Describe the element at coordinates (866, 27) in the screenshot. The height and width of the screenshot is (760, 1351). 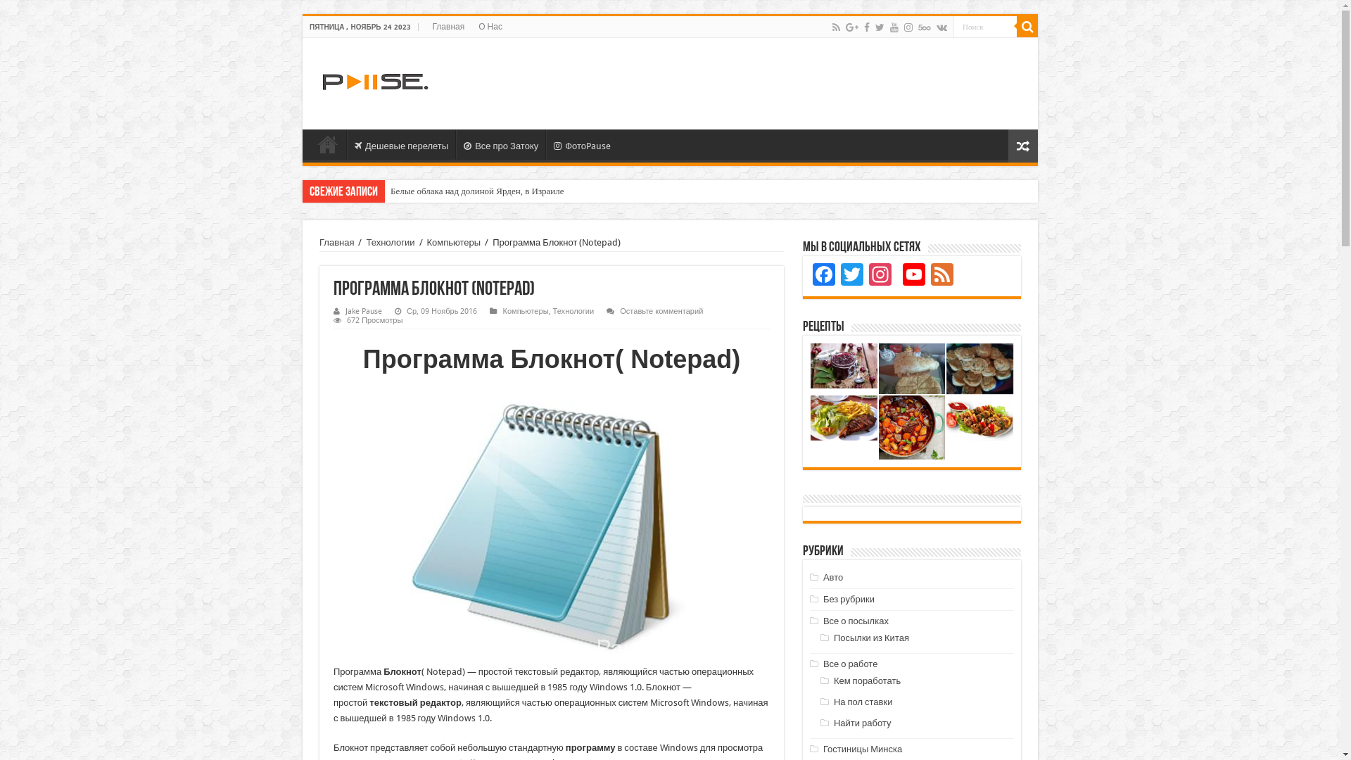
I see `'Facebook'` at that location.